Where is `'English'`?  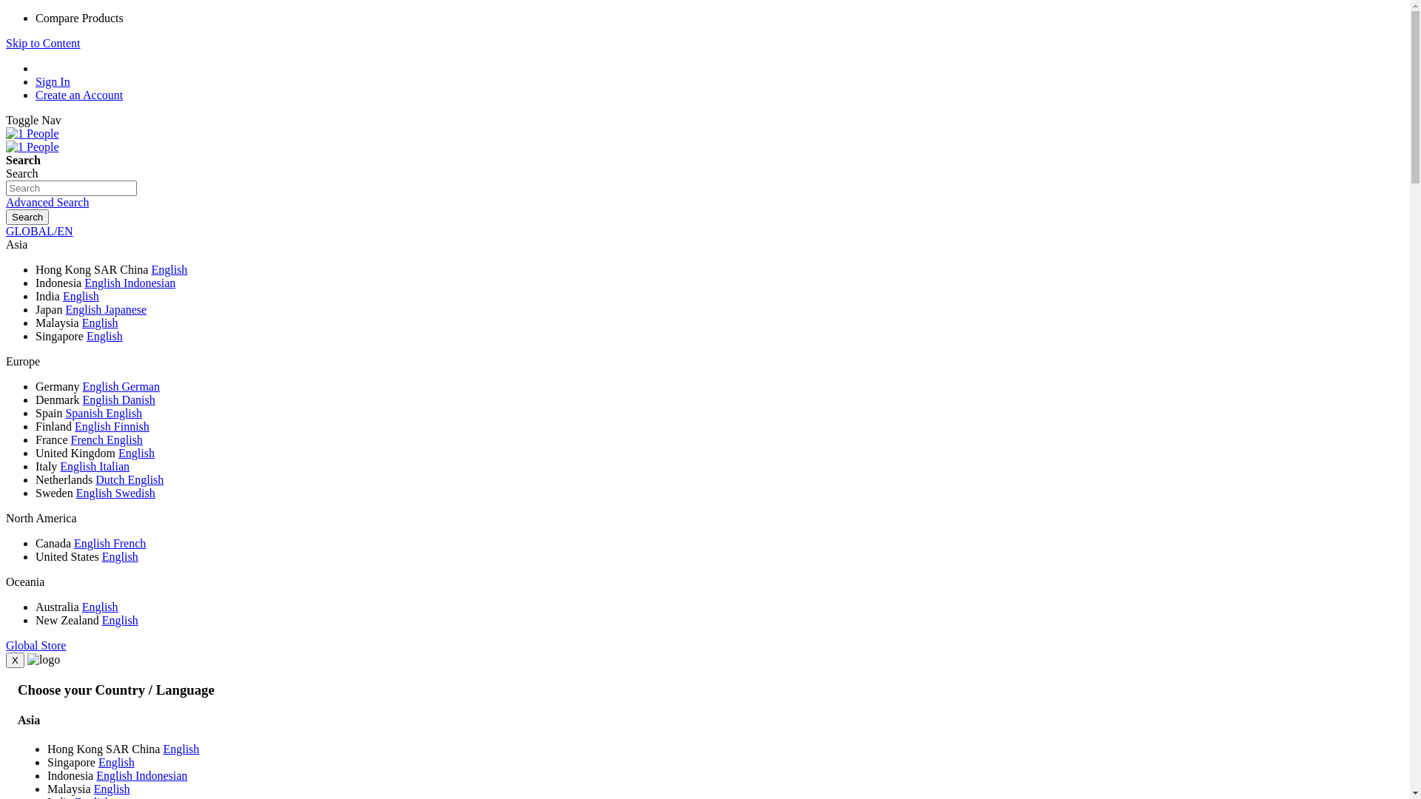 'English' is located at coordinates (93, 543).